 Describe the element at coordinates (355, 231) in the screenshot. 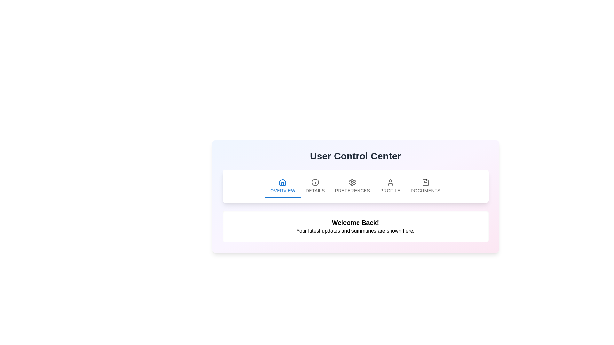

I see `the static text displaying 'Your latest updates and summaries are shown here.' which is located beneath the 'Welcome Back!' headline` at that location.